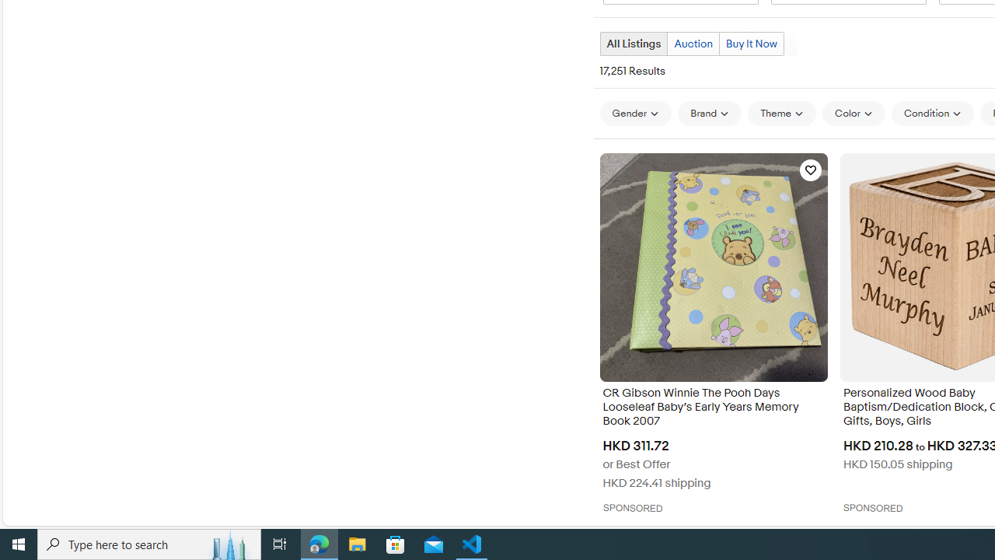 This screenshot has width=995, height=560. Describe the element at coordinates (853, 112) in the screenshot. I see `'Color'` at that location.